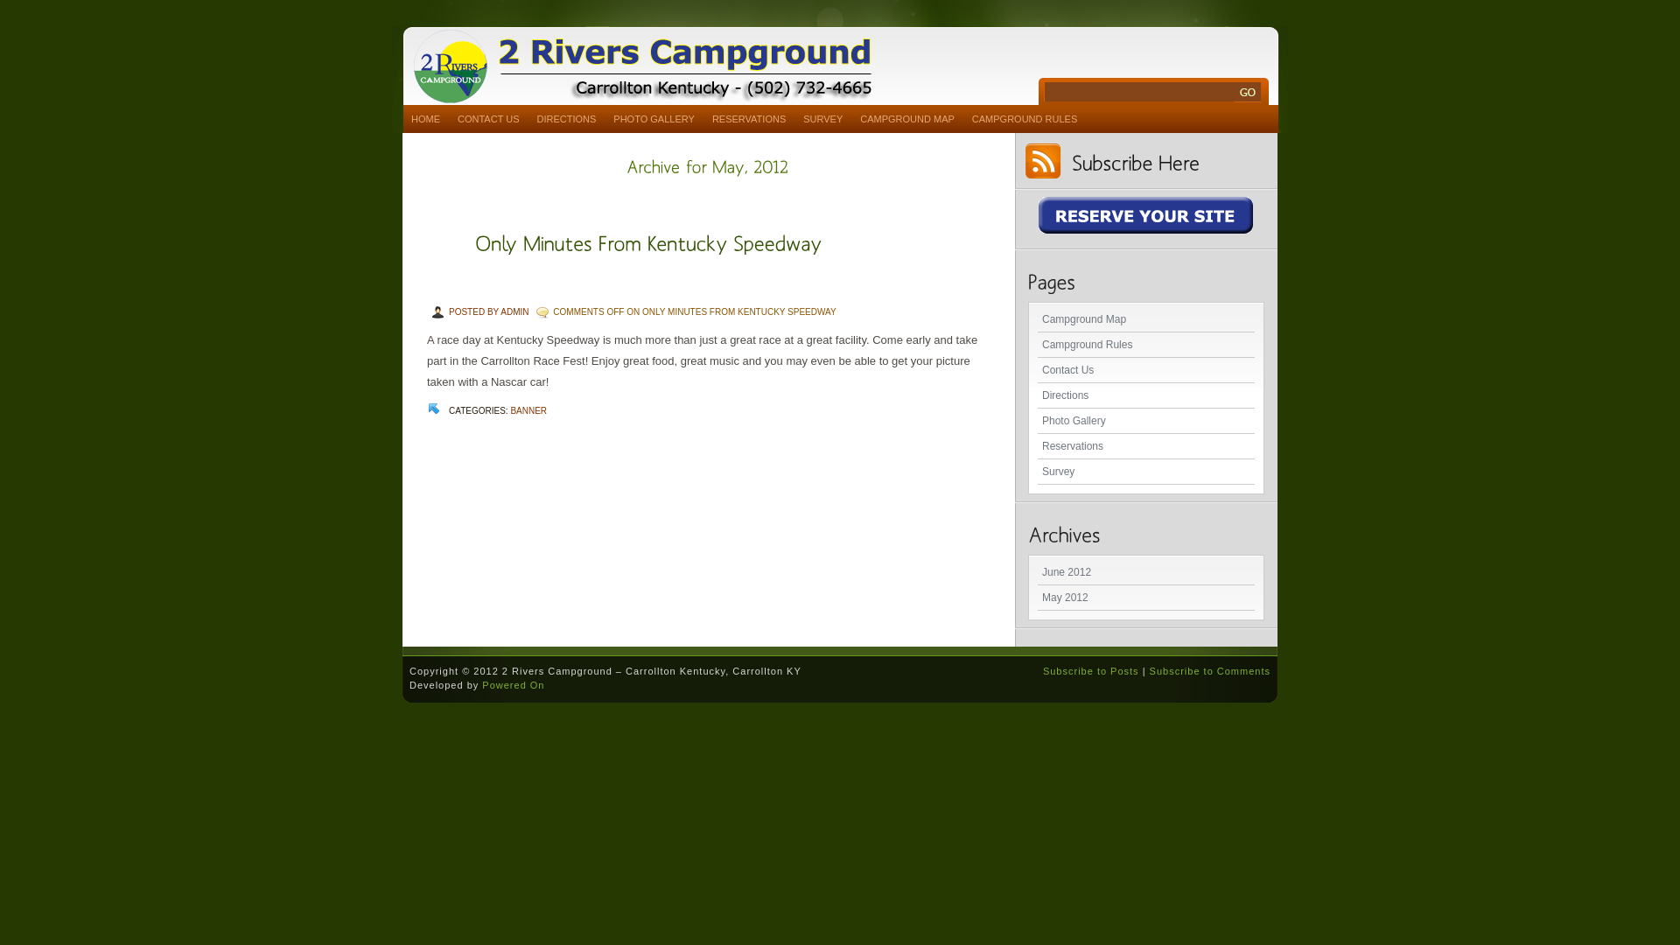  Describe the element at coordinates (425, 118) in the screenshot. I see `'HOME'` at that location.